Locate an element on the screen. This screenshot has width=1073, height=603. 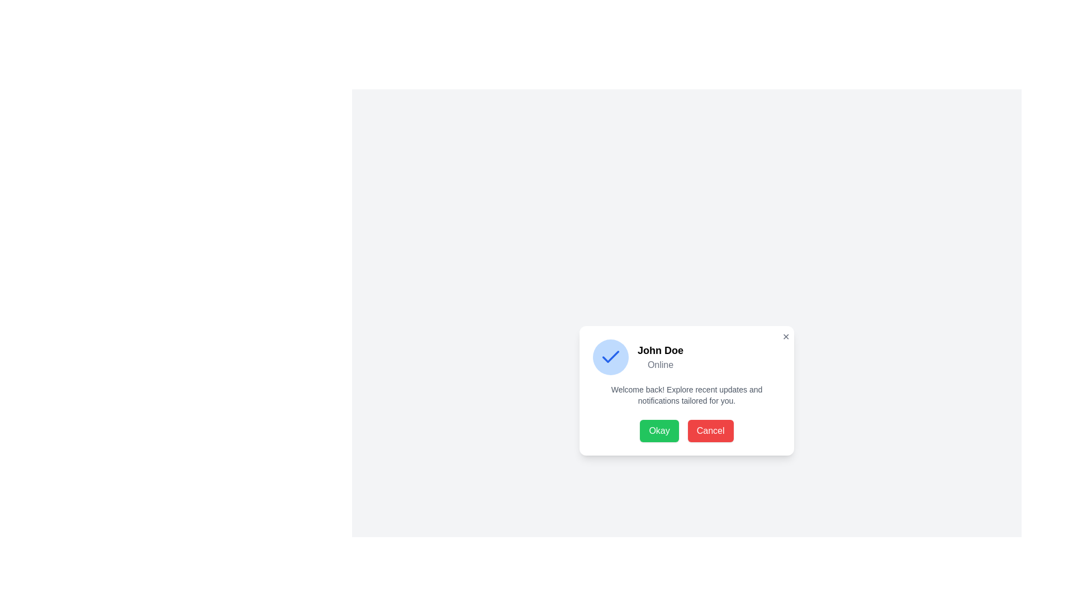
the 'Okay' confirmation button located at the bottom of the popup card to observe styling changes is located at coordinates (659, 430).